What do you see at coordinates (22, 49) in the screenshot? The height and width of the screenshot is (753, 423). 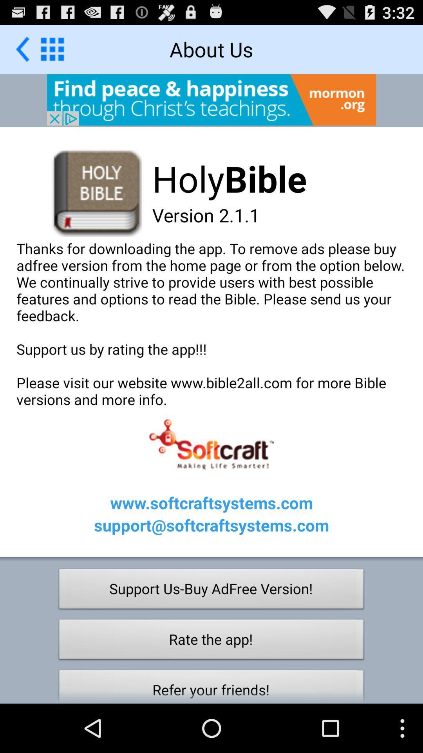 I see `go back` at bounding box center [22, 49].